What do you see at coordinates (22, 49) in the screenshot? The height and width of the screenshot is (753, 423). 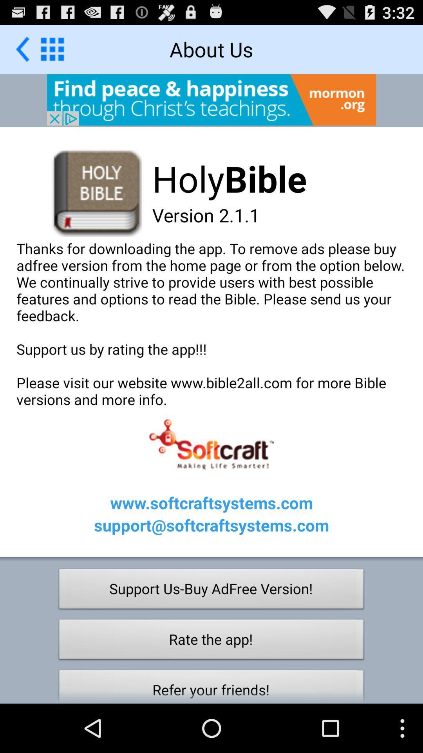 I see `go back` at bounding box center [22, 49].